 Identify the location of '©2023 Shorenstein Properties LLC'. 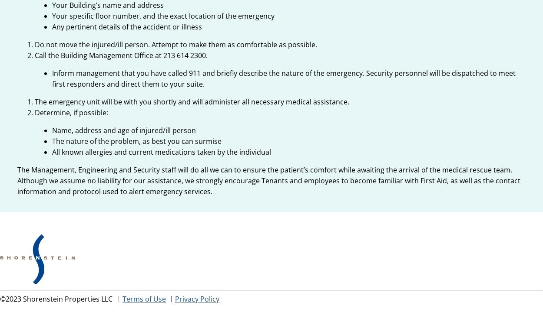
(57, 298).